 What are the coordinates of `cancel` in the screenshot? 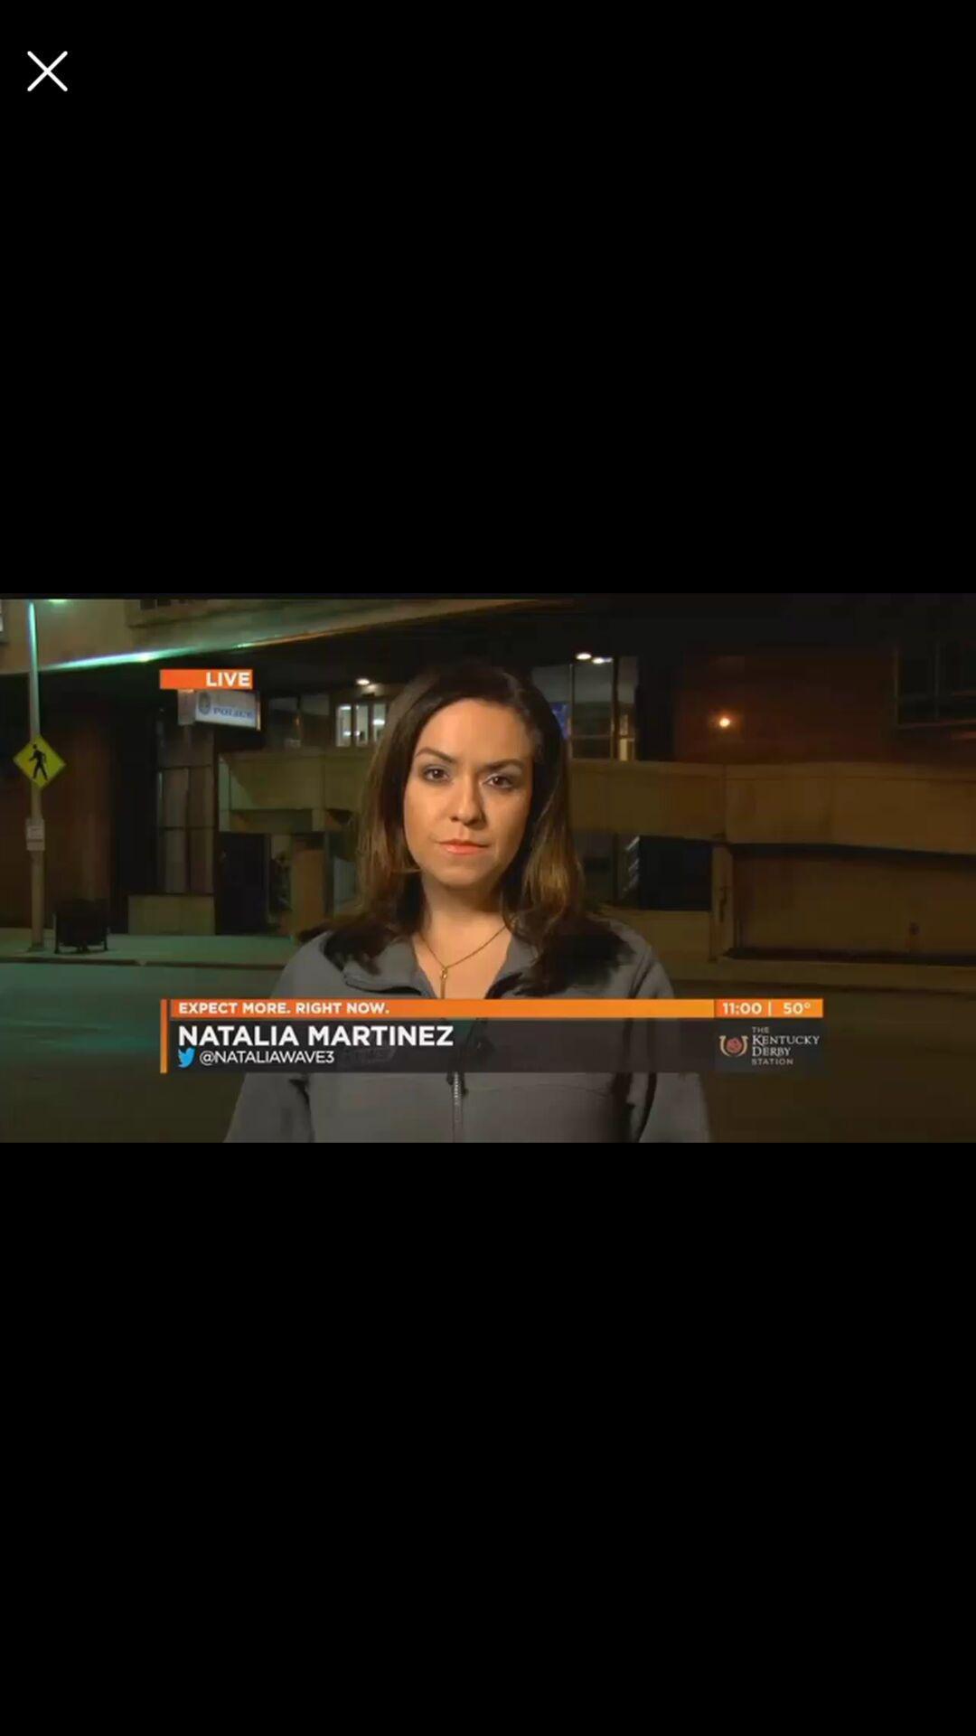 It's located at (46, 71).